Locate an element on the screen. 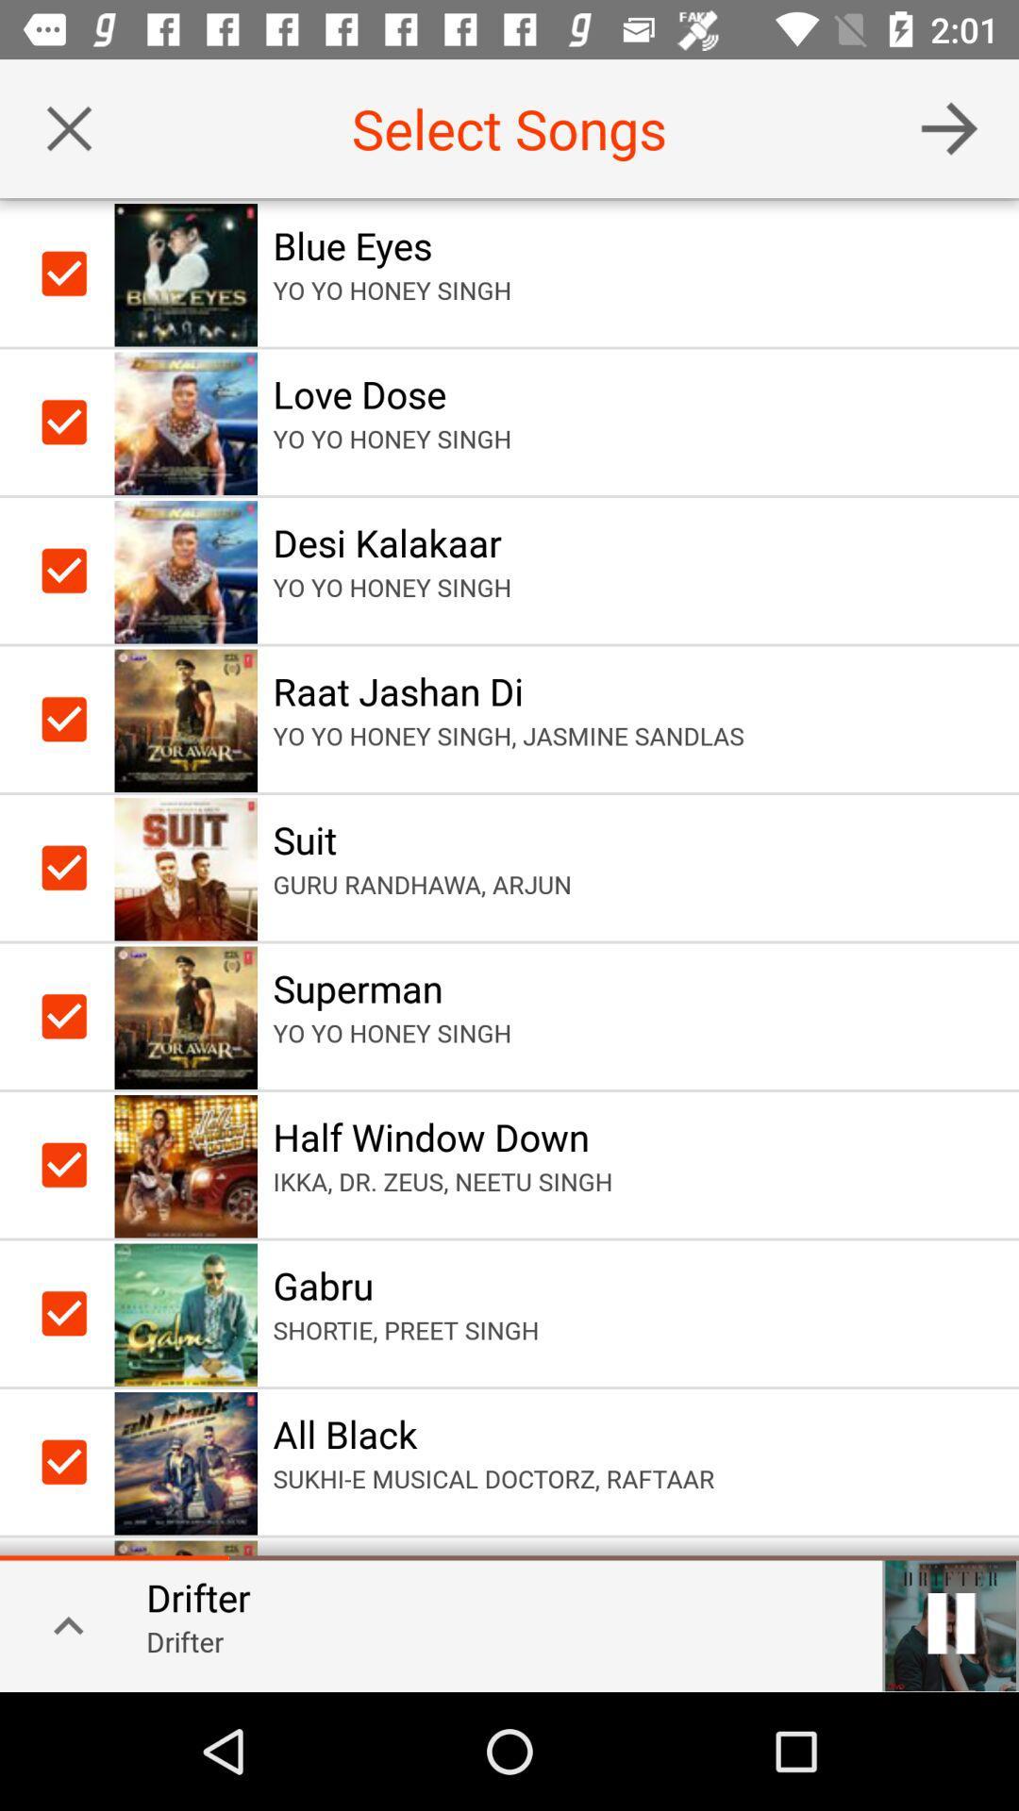 The image size is (1019, 1811). good app to listen songs is located at coordinates (949, 127).